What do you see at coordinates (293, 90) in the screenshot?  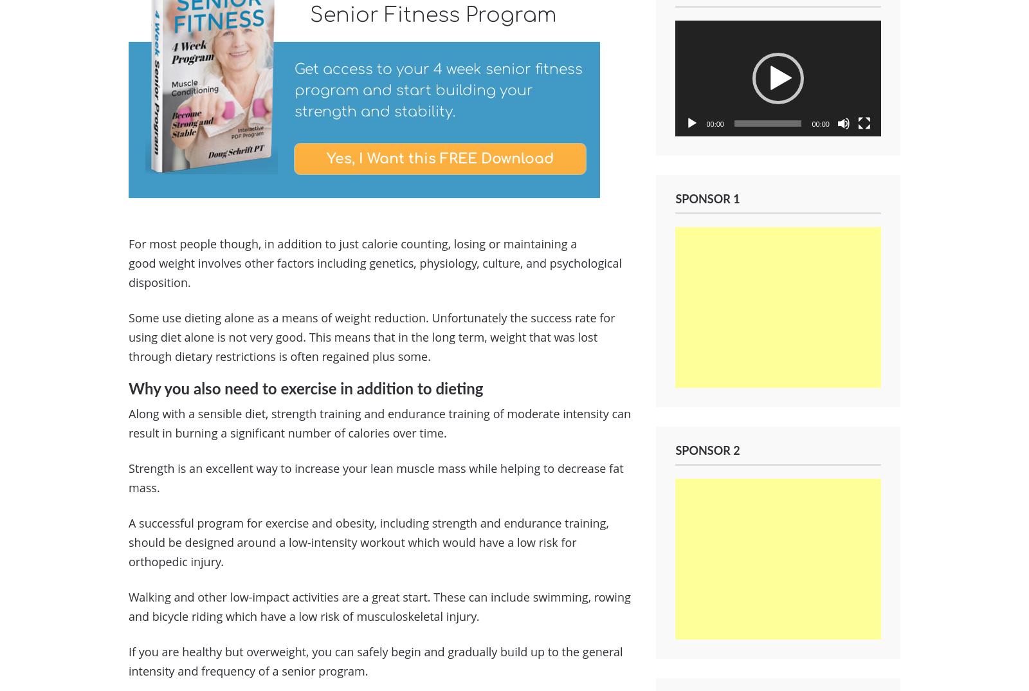 I see `'Get access to your 4 week senior fitness program and start building your strength and stability.'` at bounding box center [293, 90].